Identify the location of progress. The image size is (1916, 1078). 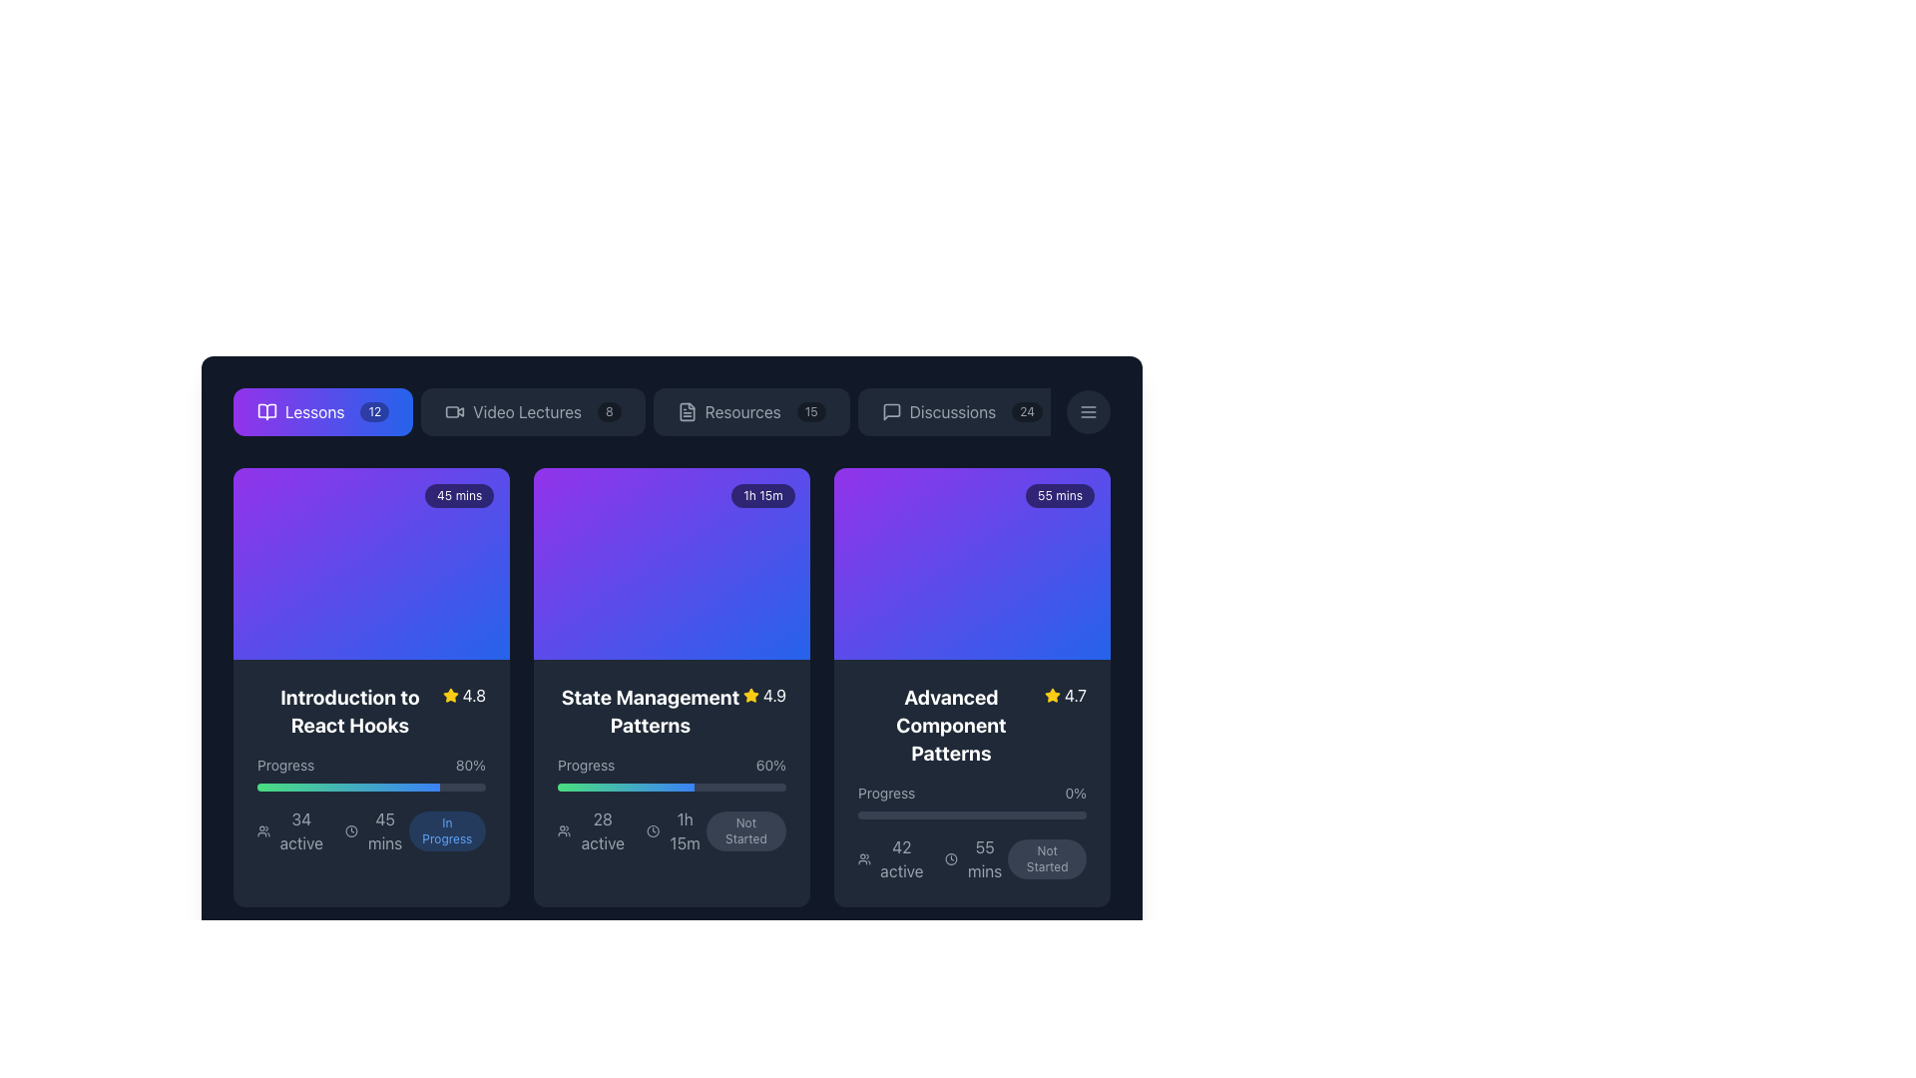
(290, 787).